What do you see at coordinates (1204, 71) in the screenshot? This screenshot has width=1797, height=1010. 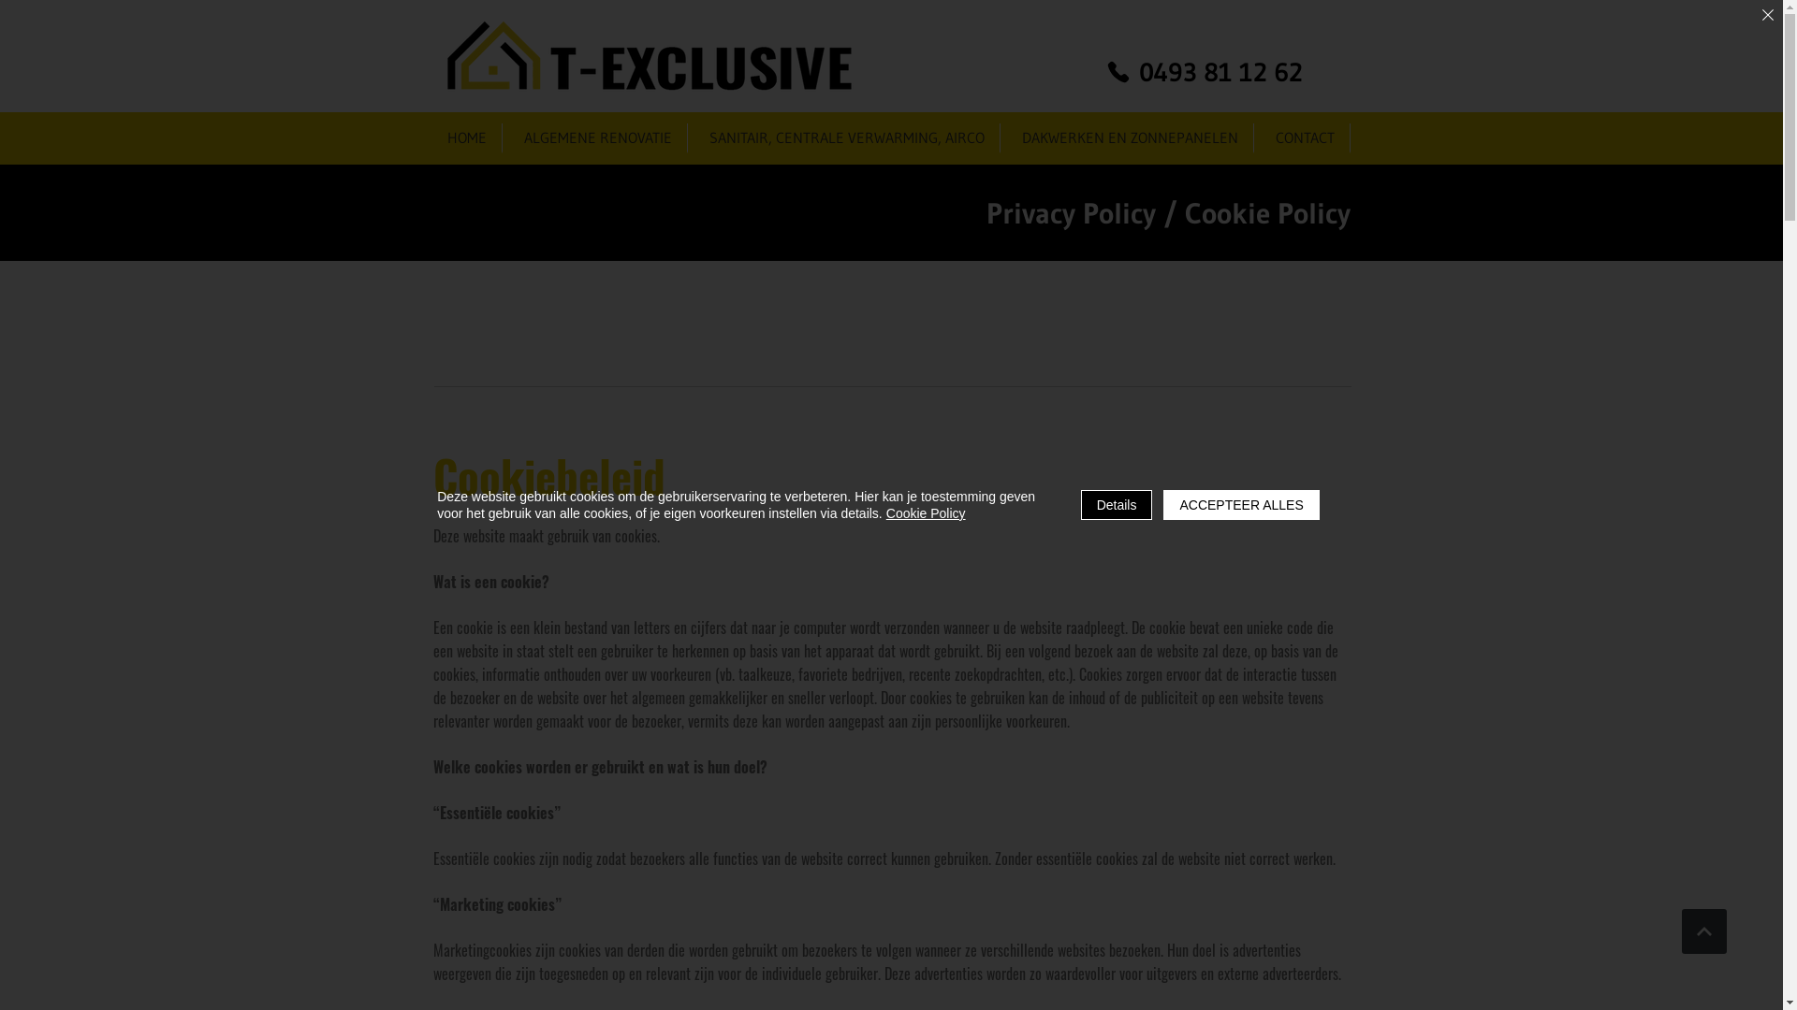 I see `'0493 81 12 62'` at bounding box center [1204, 71].